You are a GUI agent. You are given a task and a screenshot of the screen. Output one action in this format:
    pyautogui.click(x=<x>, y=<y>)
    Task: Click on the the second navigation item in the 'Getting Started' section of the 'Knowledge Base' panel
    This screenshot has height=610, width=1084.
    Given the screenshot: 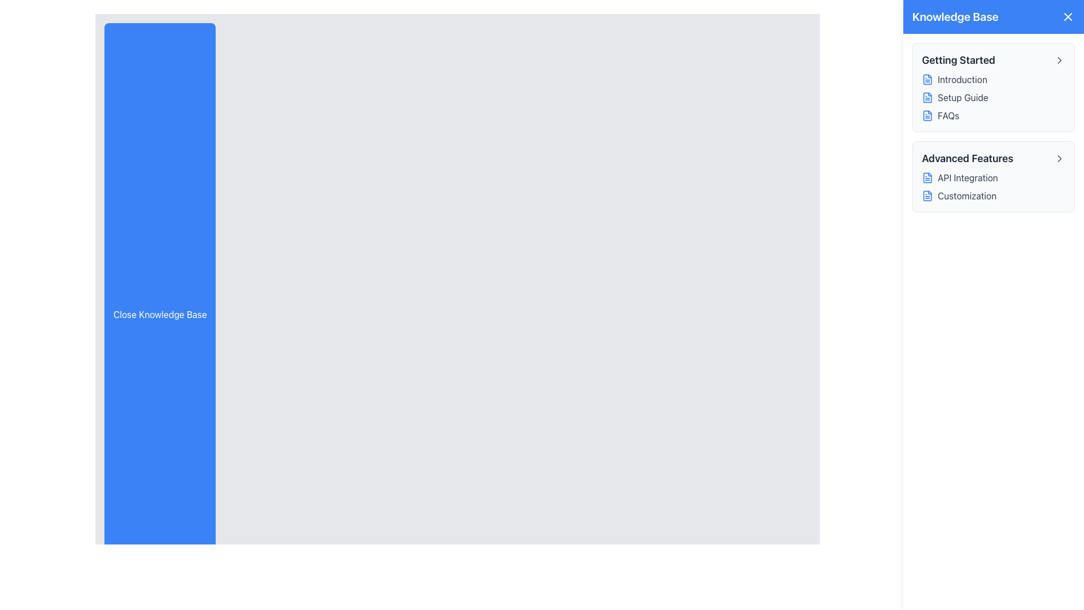 What is the action you would take?
    pyautogui.click(x=994, y=97)
    